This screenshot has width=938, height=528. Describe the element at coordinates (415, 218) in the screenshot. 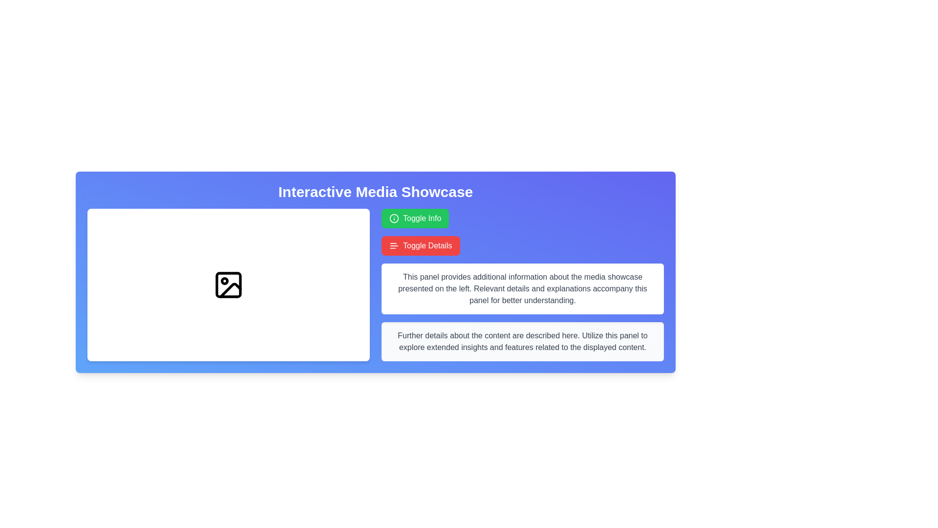

I see `the green 'Toggle Info' button with rounded corners and an 'i' icon to observe any hover effects` at that location.